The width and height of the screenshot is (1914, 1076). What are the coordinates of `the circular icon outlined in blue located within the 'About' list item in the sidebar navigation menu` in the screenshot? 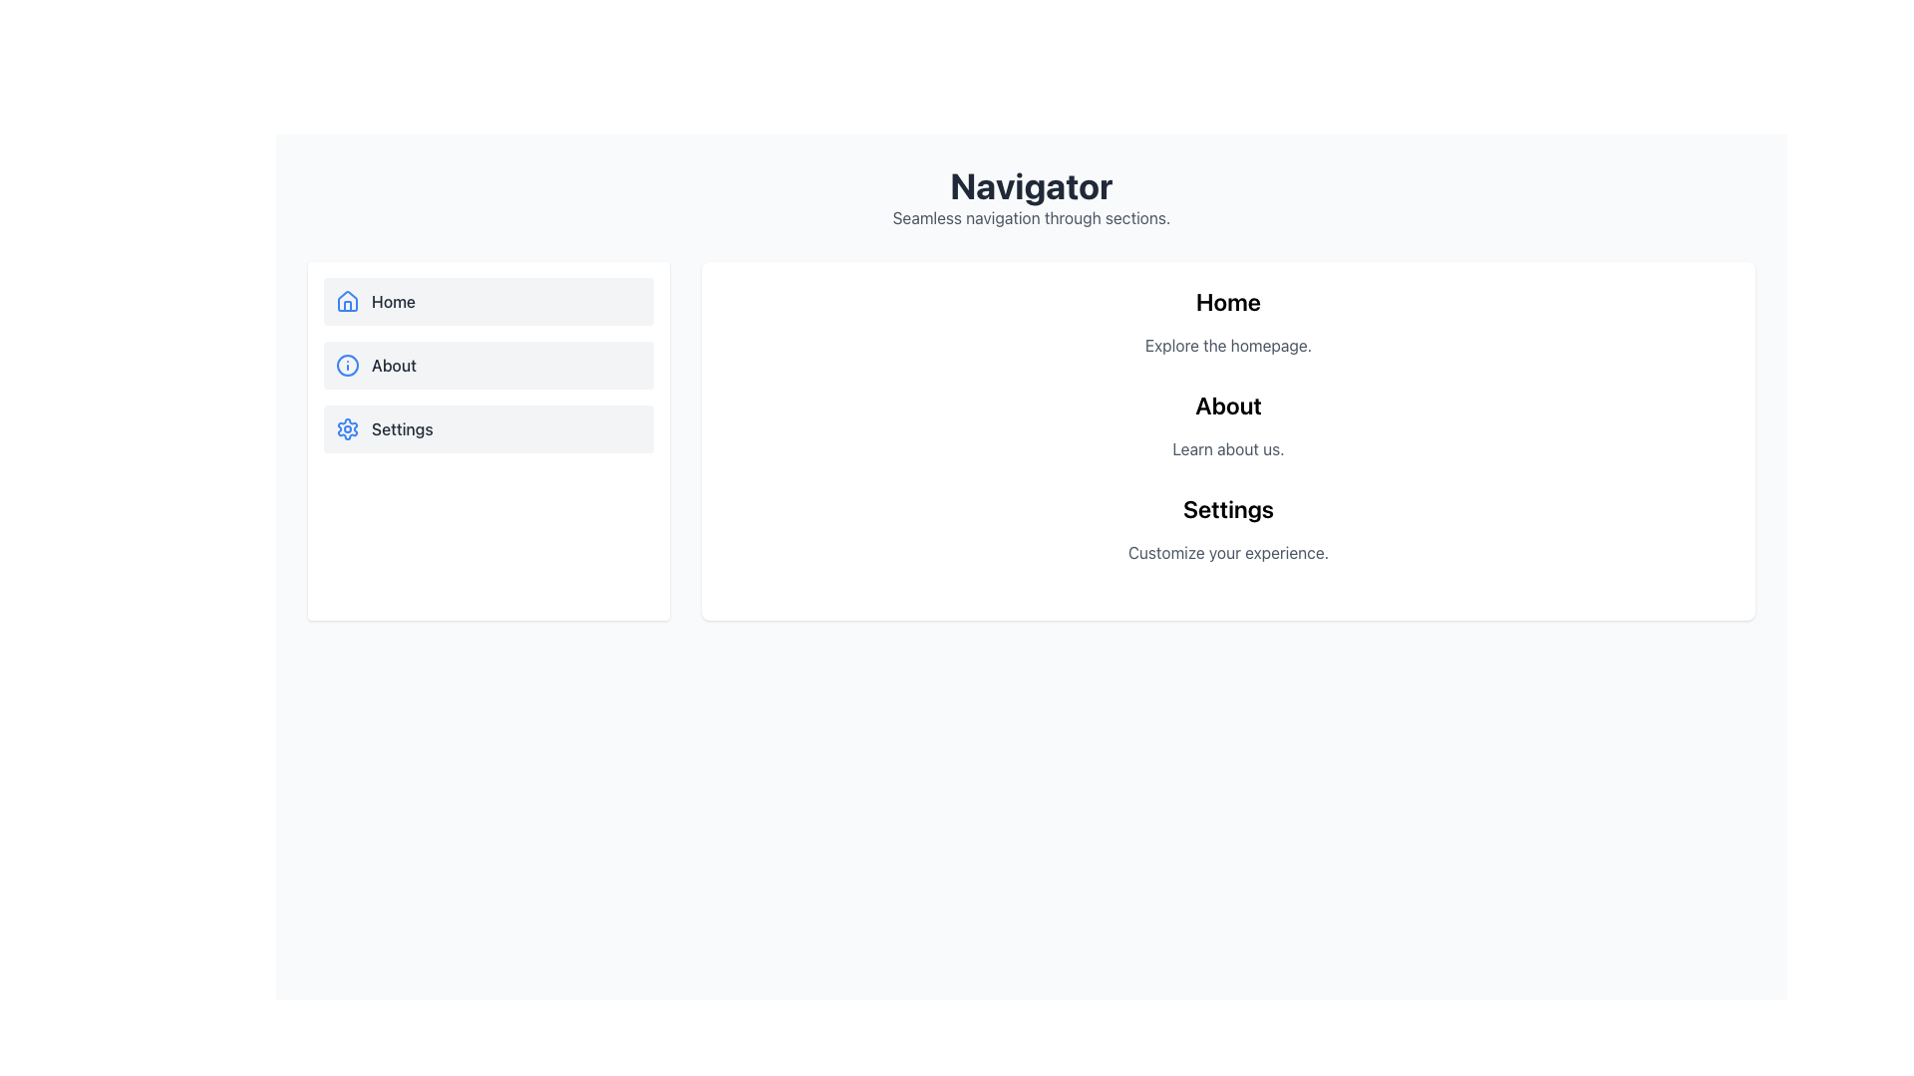 It's located at (348, 365).